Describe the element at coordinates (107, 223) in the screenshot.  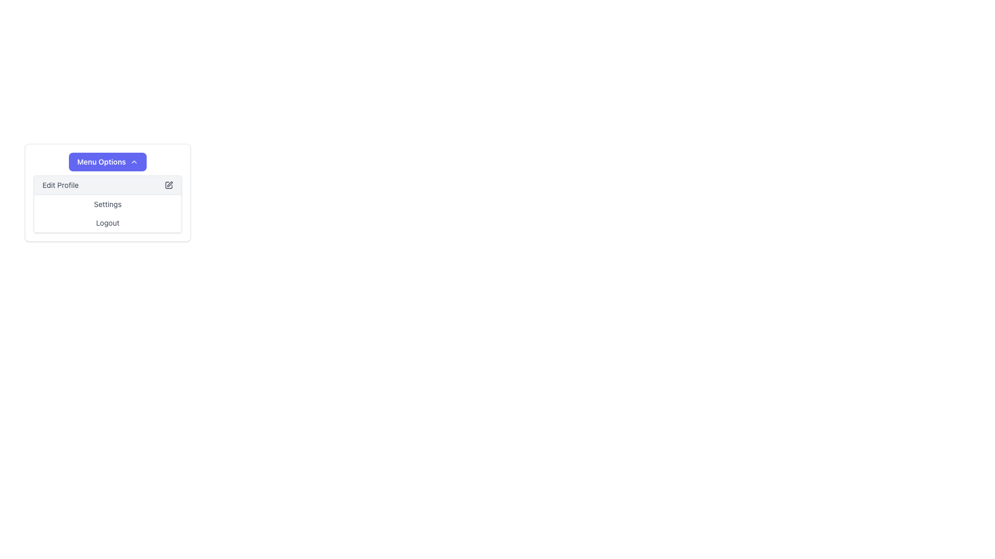
I see `the 'Logout' text-based menu item, which is the third item in the 'Menu Options' section` at that location.